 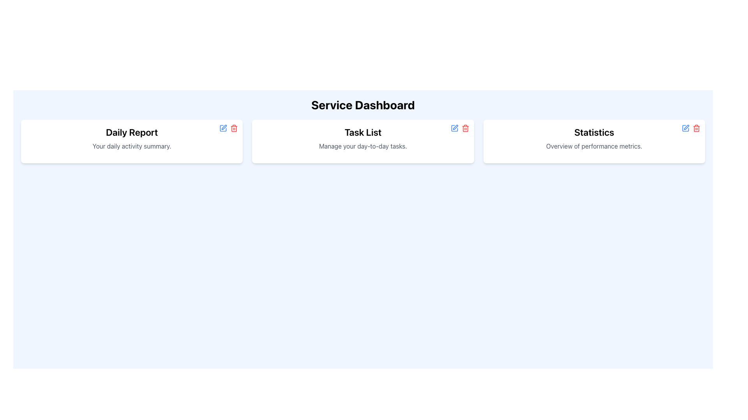 What do you see at coordinates (223, 128) in the screenshot?
I see `the blue-colored pen icon button located in the top-right corner of the 'Daily Report' card` at bounding box center [223, 128].